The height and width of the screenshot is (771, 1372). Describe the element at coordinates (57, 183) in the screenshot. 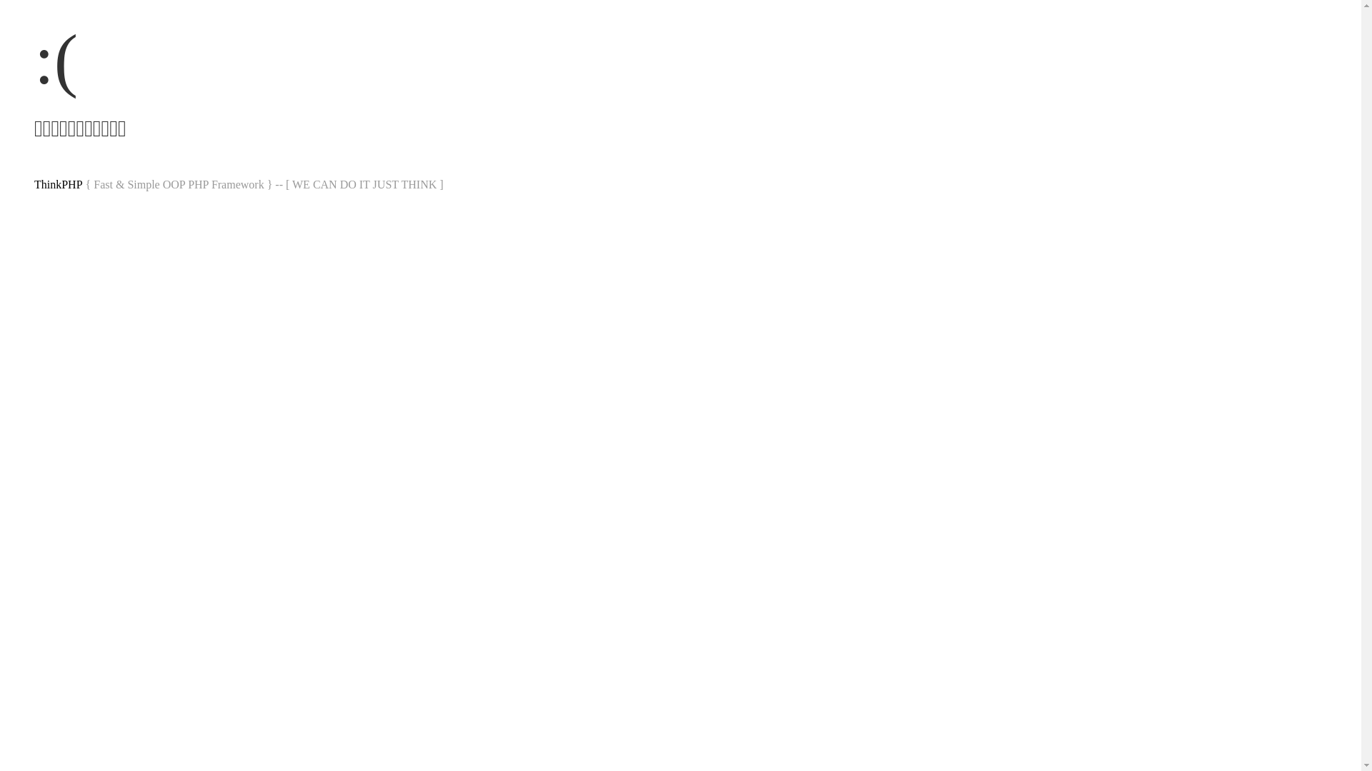

I see `'ThinkPHP'` at that location.